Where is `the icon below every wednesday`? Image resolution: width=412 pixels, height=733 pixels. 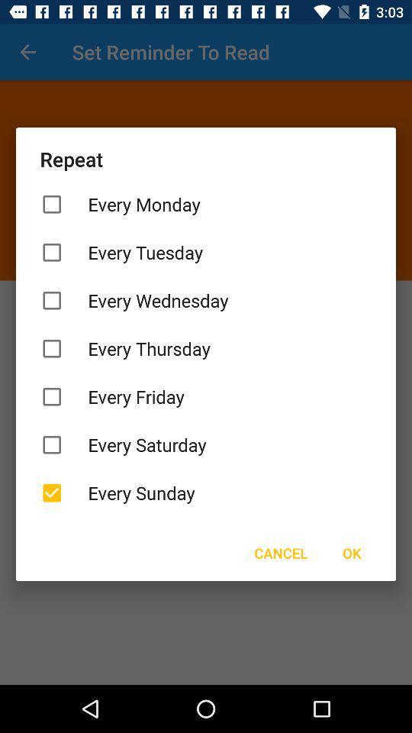 the icon below every wednesday is located at coordinates (206, 348).